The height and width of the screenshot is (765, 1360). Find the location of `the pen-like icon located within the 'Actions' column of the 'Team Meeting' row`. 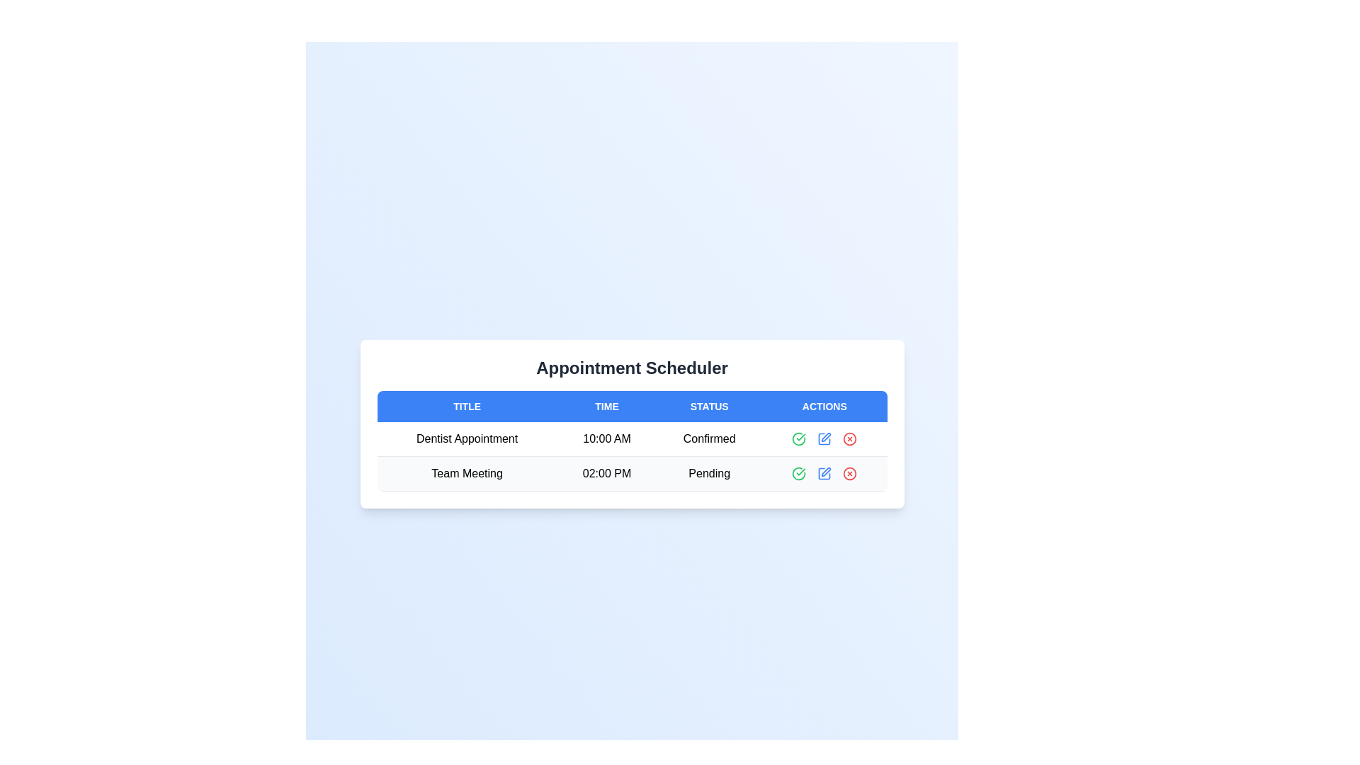

the pen-like icon located within the 'Actions' column of the 'Team Meeting' row is located at coordinates (826, 472).